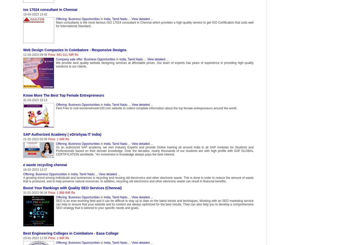  What do you see at coordinates (62, 134) in the screenshot?
I see `'SAP Authorized Academy ( eDrishyaa IT India)'` at bounding box center [62, 134].